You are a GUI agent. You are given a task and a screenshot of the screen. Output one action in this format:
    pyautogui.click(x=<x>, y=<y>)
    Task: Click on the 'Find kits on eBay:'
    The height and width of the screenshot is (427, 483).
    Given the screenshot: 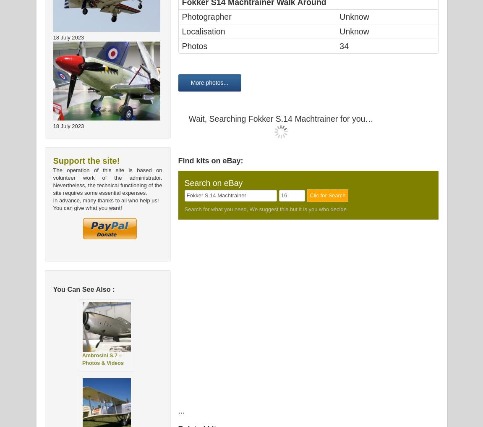 What is the action you would take?
    pyautogui.click(x=210, y=160)
    